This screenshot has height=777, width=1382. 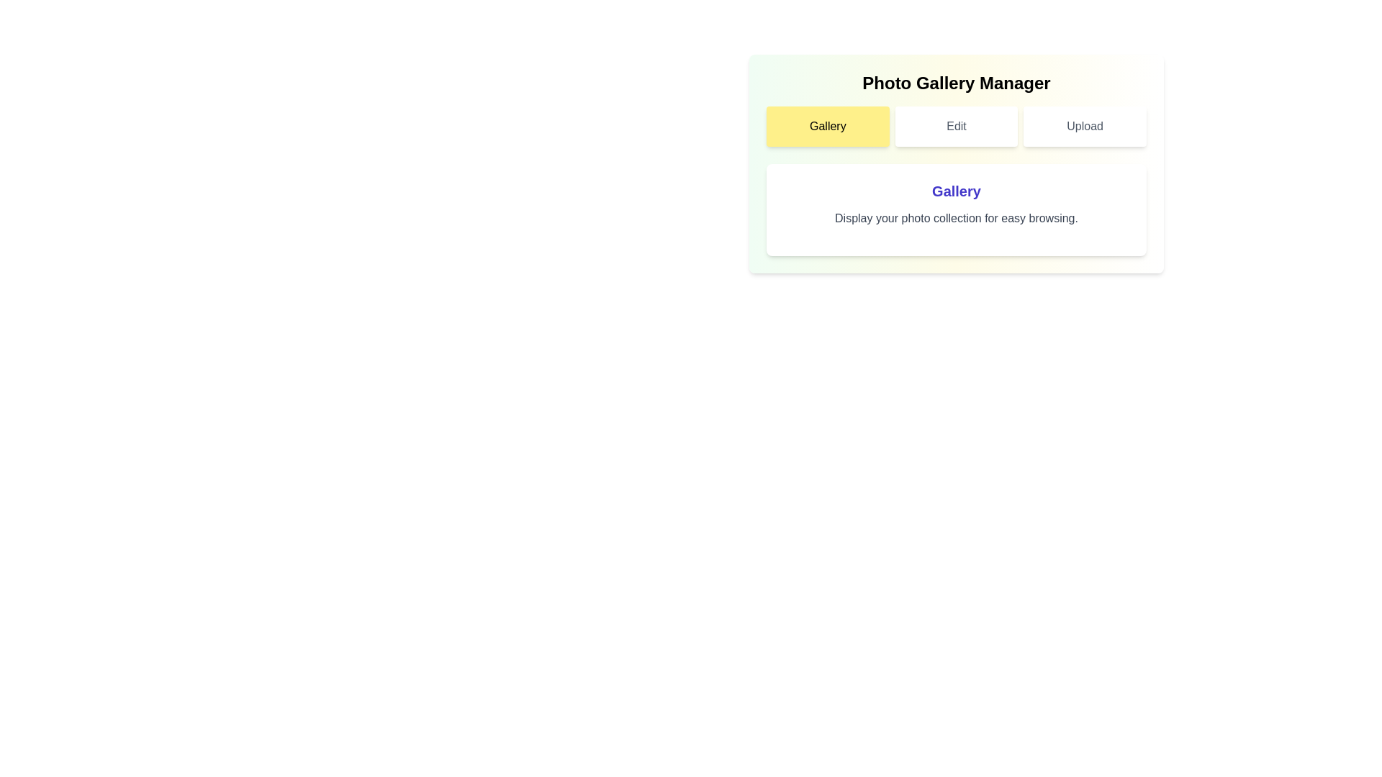 I want to click on centered, bold, large text label that says 'Photo Gallery Manager', which is positioned above a grid layout and has a gradient background, so click(x=957, y=83).